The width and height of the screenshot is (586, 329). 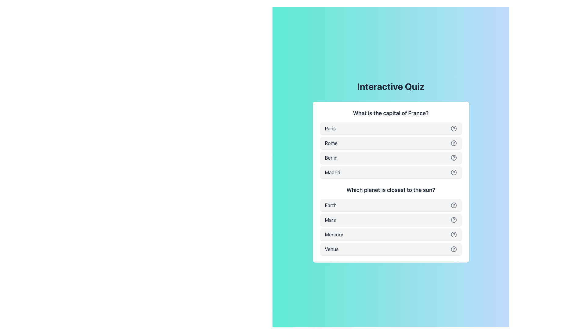 What do you see at coordinates (454, 234) in the screenshot?
I see `the Help icon located at the far-right end of the 'Mercury' row in the quiz interface` at bounding box center [454, 234].